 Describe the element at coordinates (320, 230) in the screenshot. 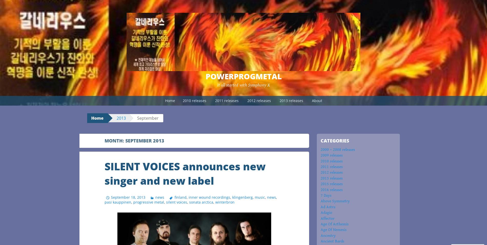

I see `'Age Of Nemesis'` at that location.